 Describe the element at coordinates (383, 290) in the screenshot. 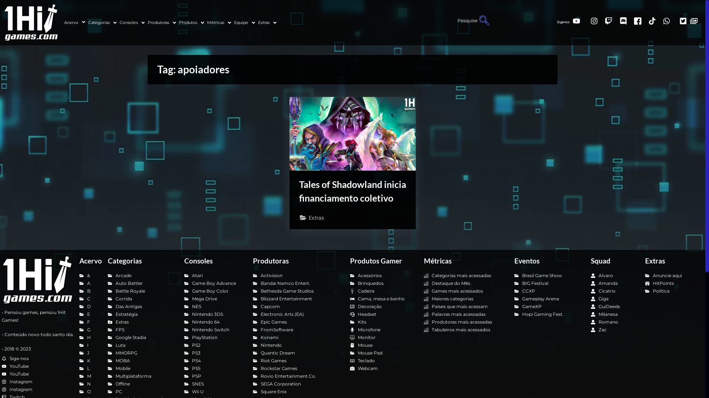

I see `'Cadeira'` at that location.